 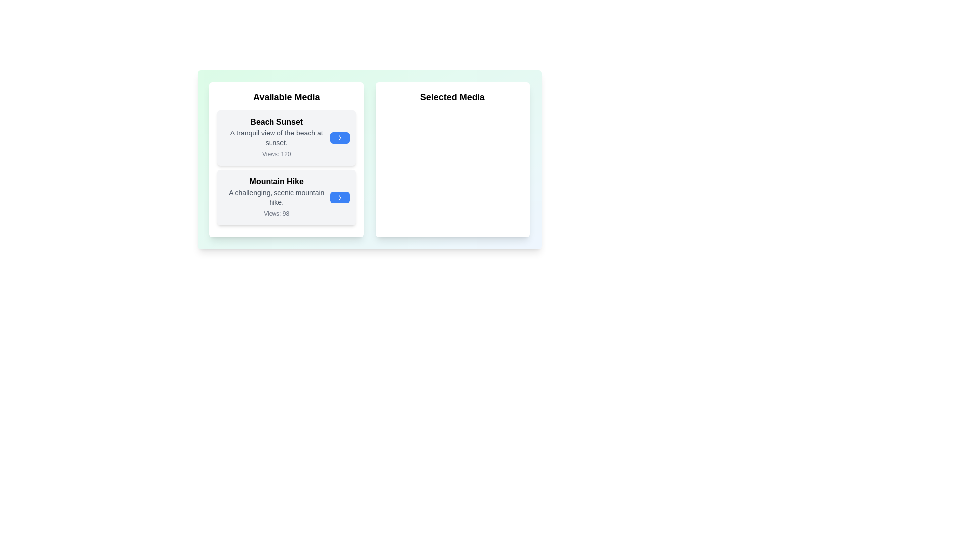 I want to click on the 'Selected Media' title to focus on that section, so click(x=452, y=97).